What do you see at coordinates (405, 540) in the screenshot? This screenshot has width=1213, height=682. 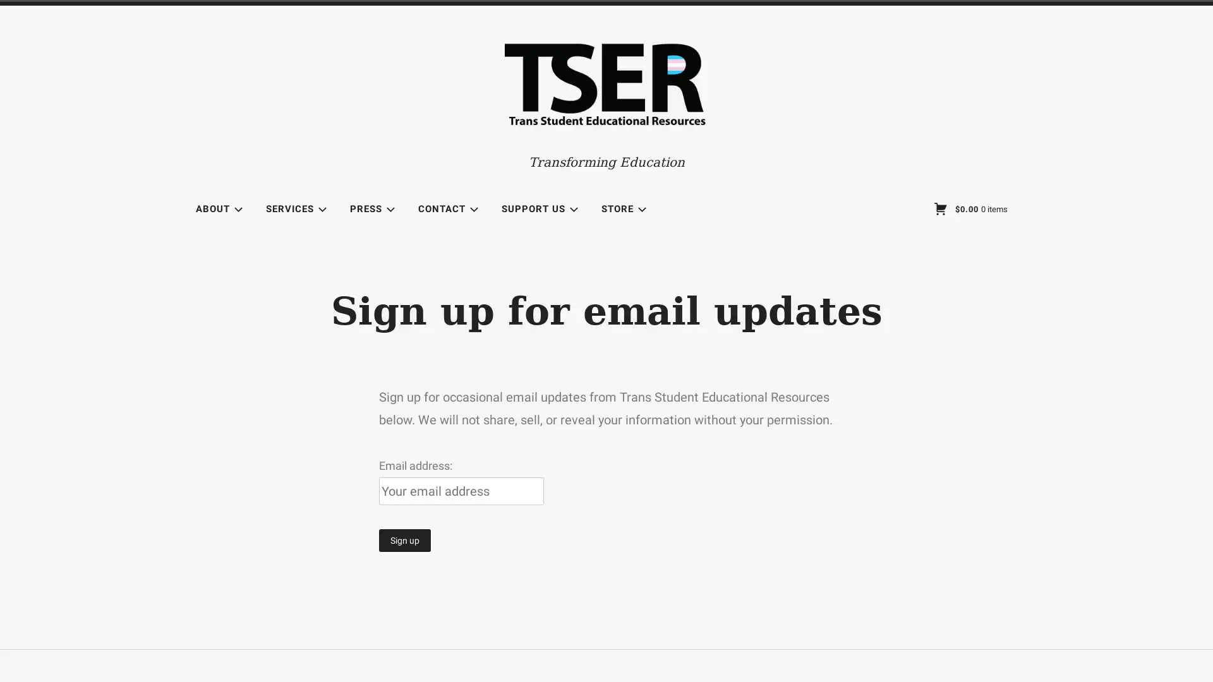 I see `Sign up` at bounding box center [405, 540].